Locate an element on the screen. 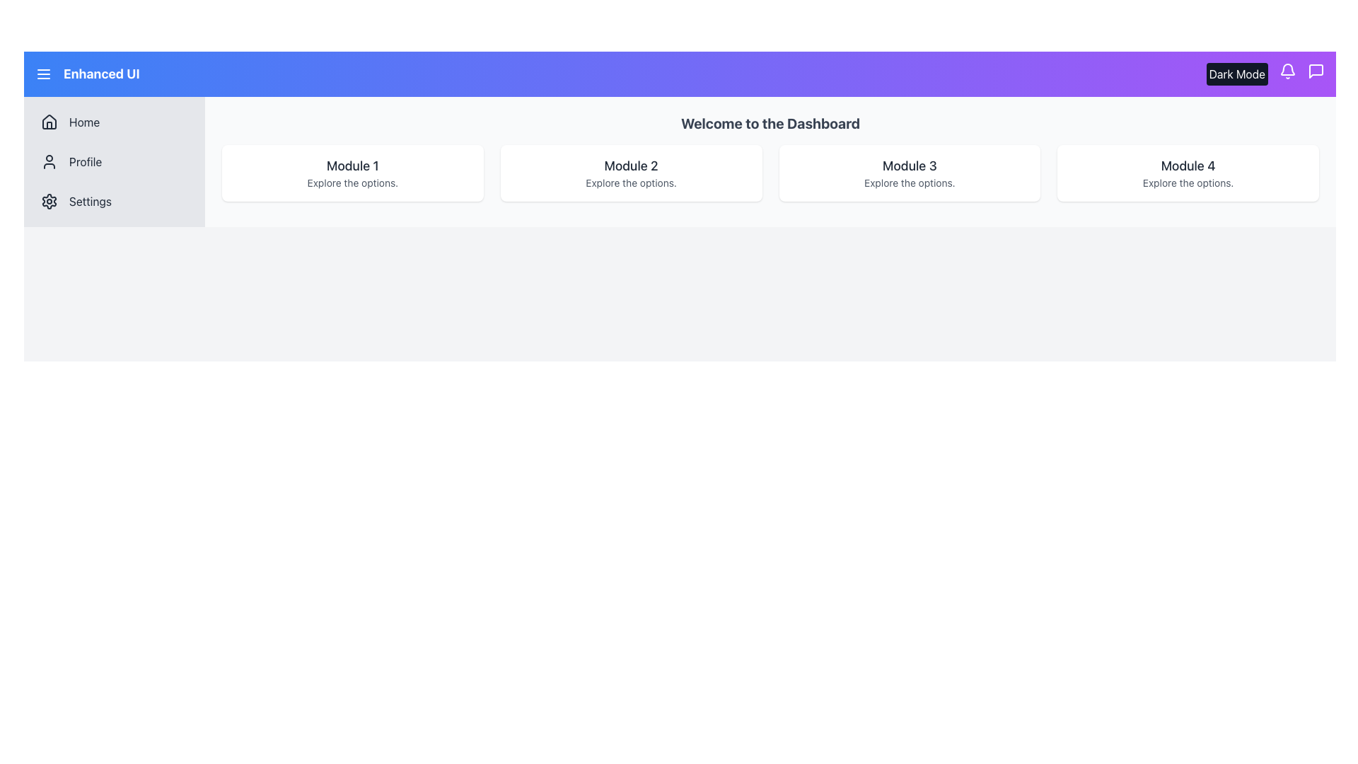 The width and height of the screenshot is (1358, 764). the text label that indicates the navigation option for accessing the settings section of the application, located below the 'Profile' menu item in the left sidebar is located at coordinates (89, 202).